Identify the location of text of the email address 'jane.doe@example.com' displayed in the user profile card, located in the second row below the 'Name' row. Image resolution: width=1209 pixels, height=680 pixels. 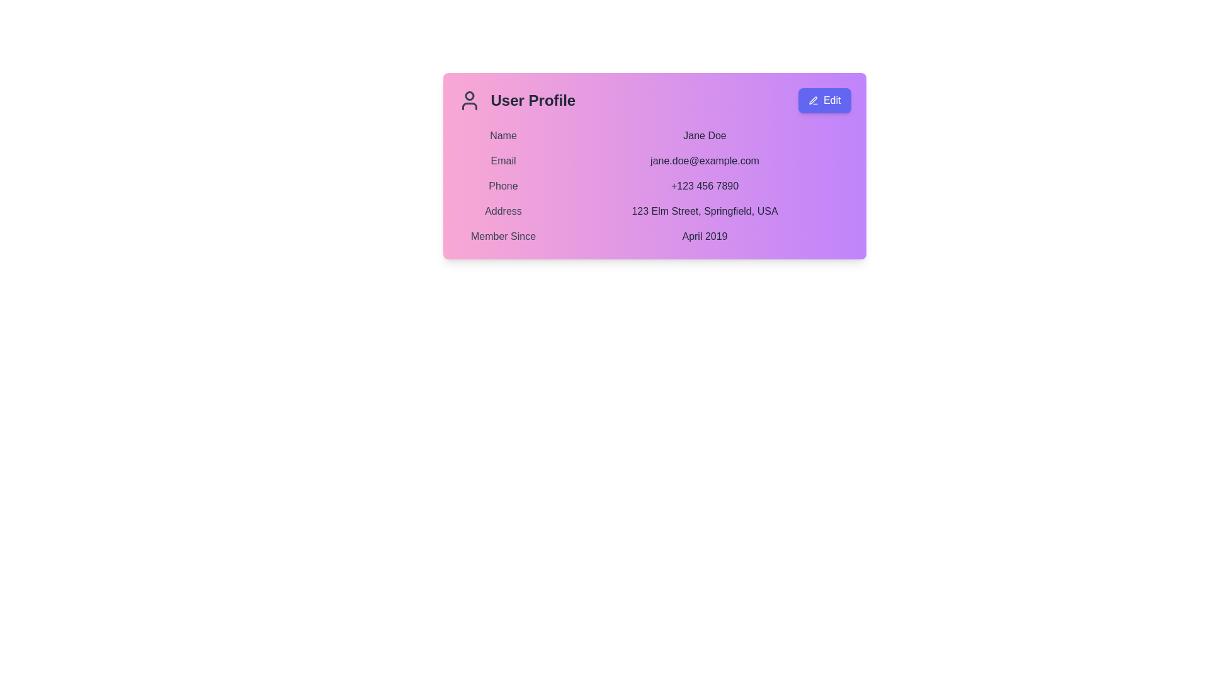
(654, 160).